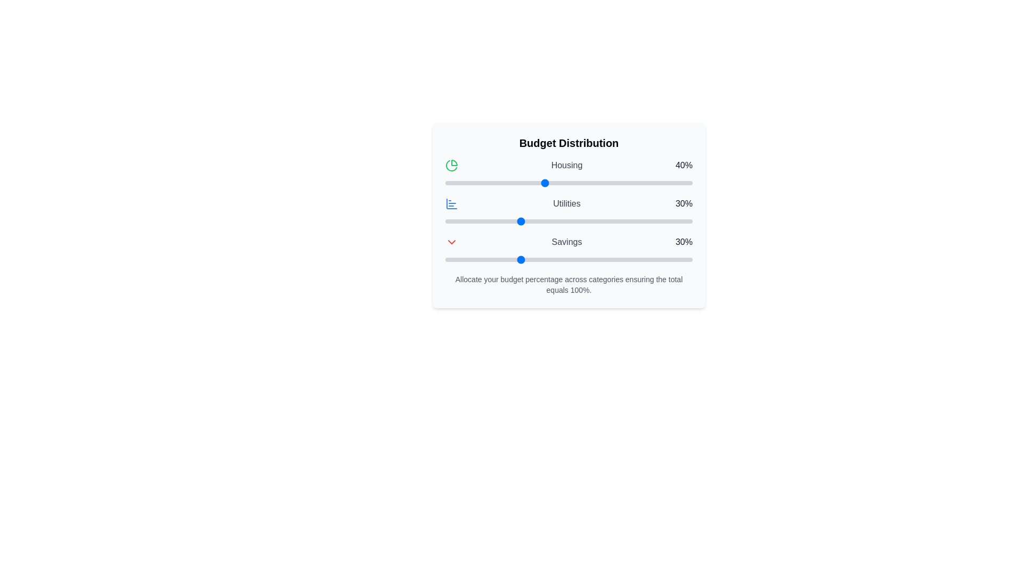  What do you see at coordinates (527, 182) in the screenshot?
I see `the Housing percentage slider` at bounding box center [527, 182].